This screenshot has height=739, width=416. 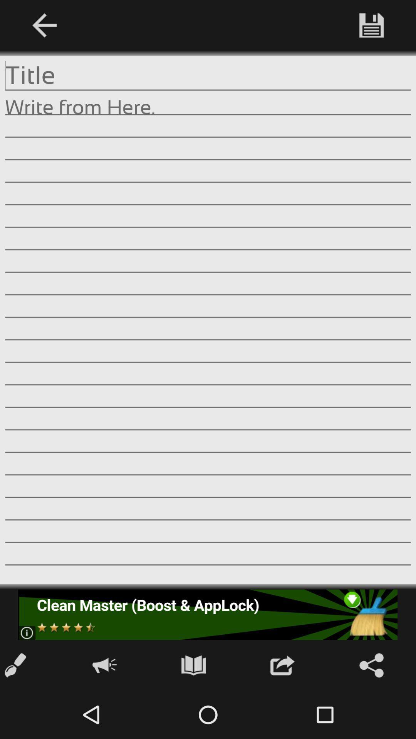 I want to click on the launch icon, so click(x=282, y=665).